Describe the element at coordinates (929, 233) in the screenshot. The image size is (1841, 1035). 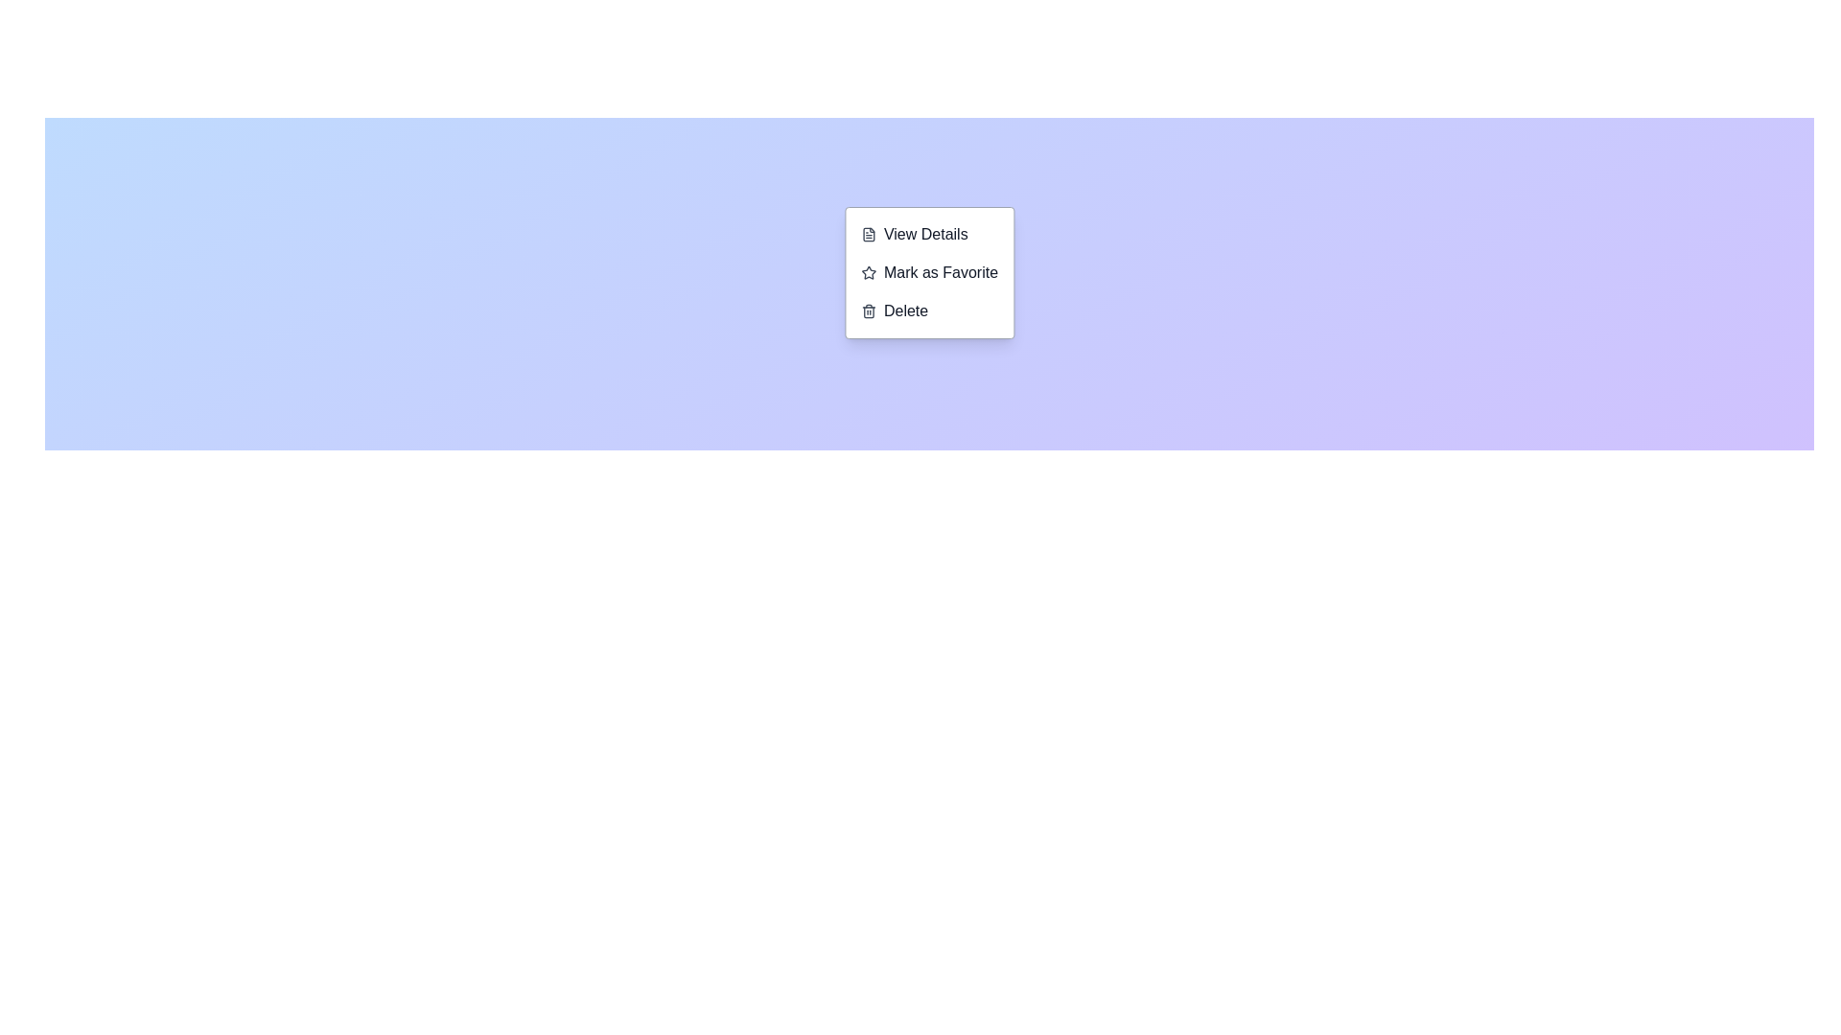
I see `the 'View Details' option in the menu` at that location.